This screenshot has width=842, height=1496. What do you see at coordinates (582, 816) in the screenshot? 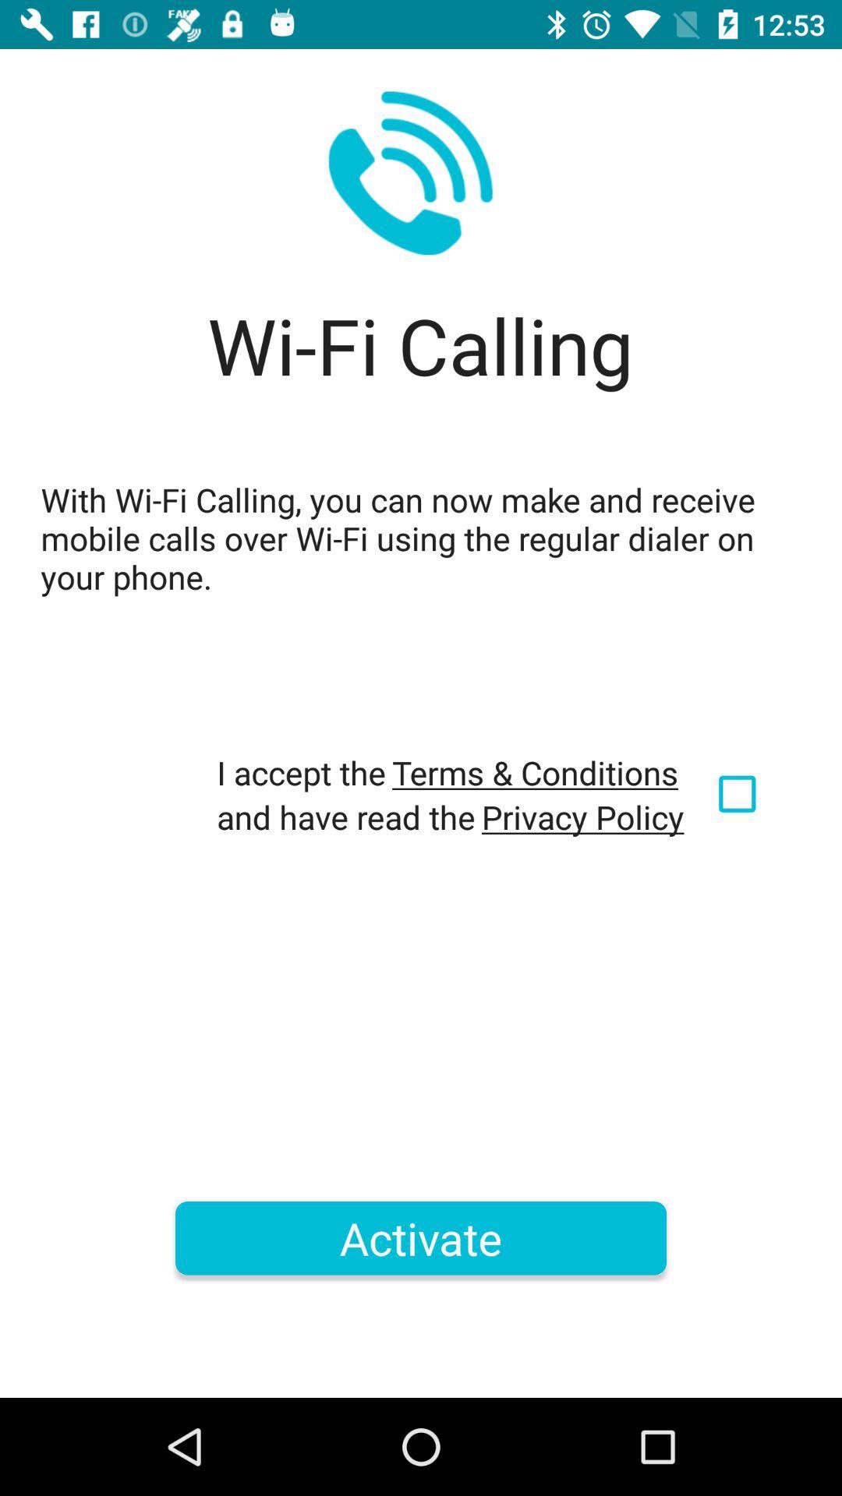
I see `the icon to the right of and have read icon` at bounding box center [582, 816].